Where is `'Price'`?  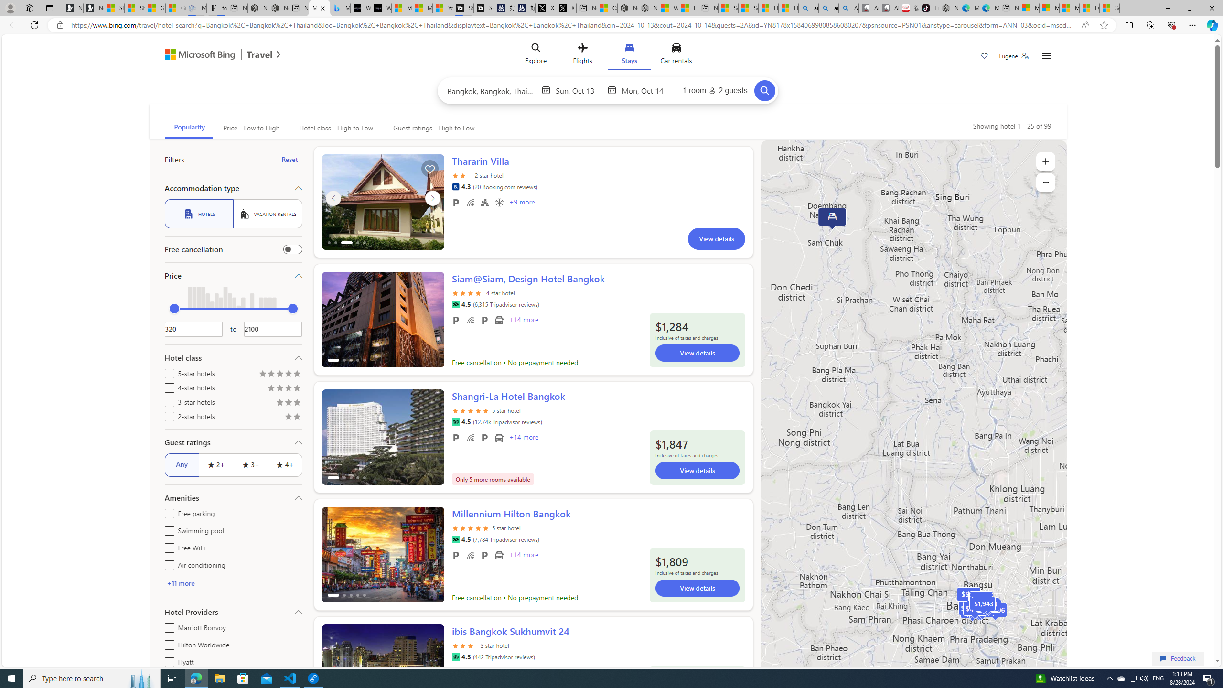 'Price' is located at coordinates (232, 275).